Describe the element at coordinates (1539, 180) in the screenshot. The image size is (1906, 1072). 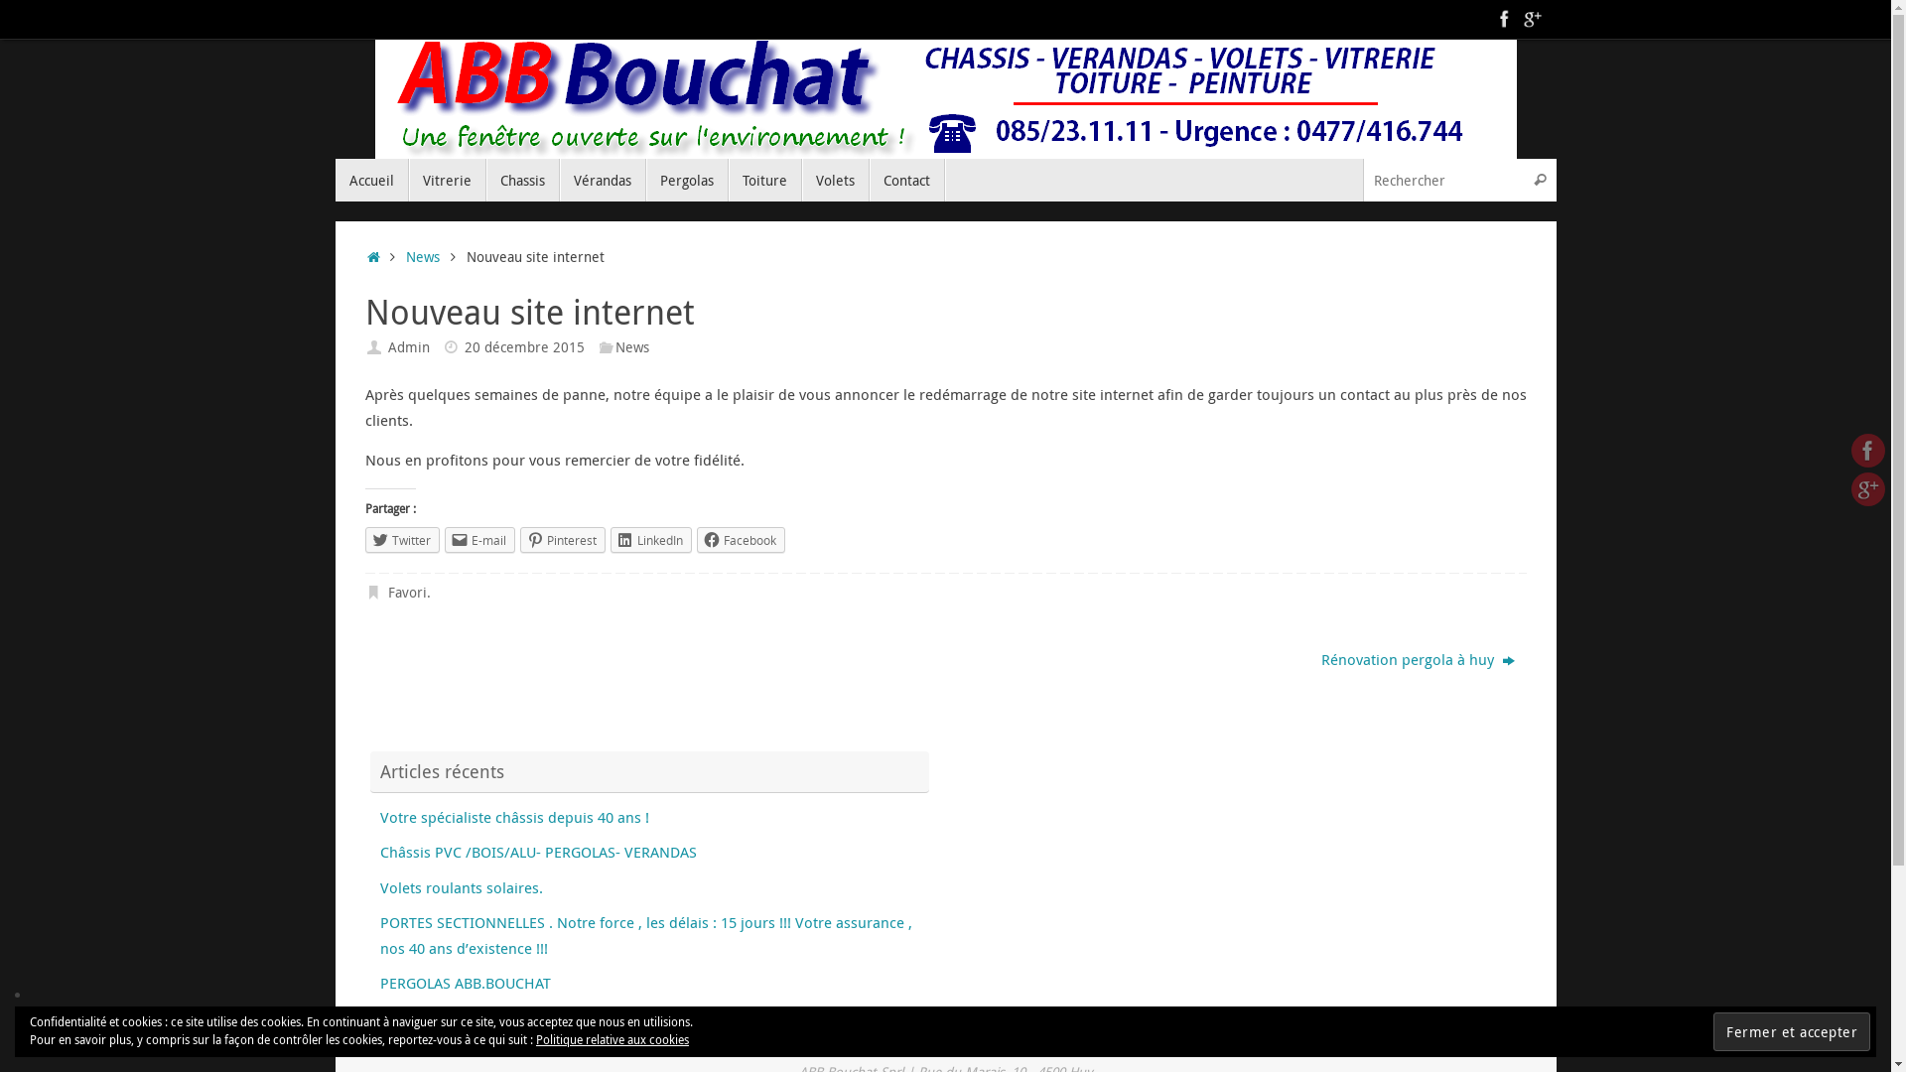
I see `'Rechercher'` at that location.